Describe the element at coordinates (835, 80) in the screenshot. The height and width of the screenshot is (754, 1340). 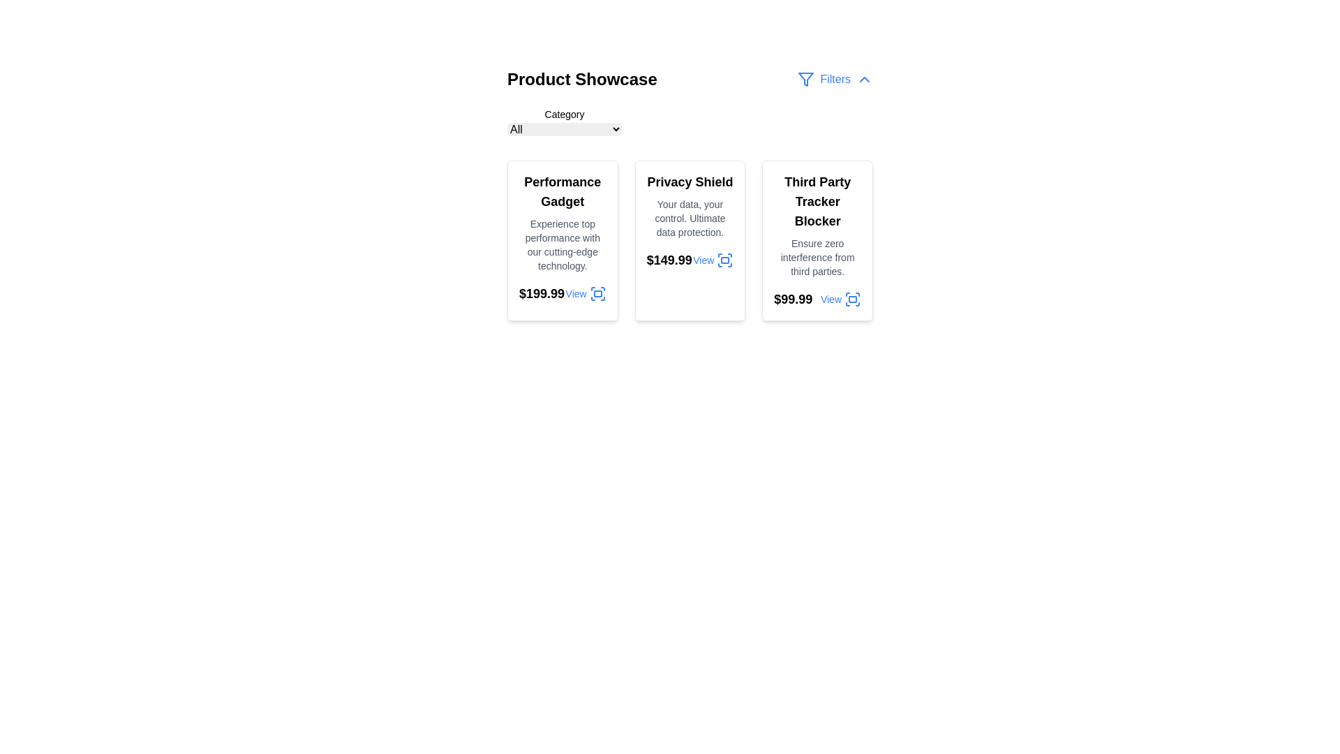
I see `the dropdown toggle button located at the upper right corner of the 'Product Showcase' section` at that location.